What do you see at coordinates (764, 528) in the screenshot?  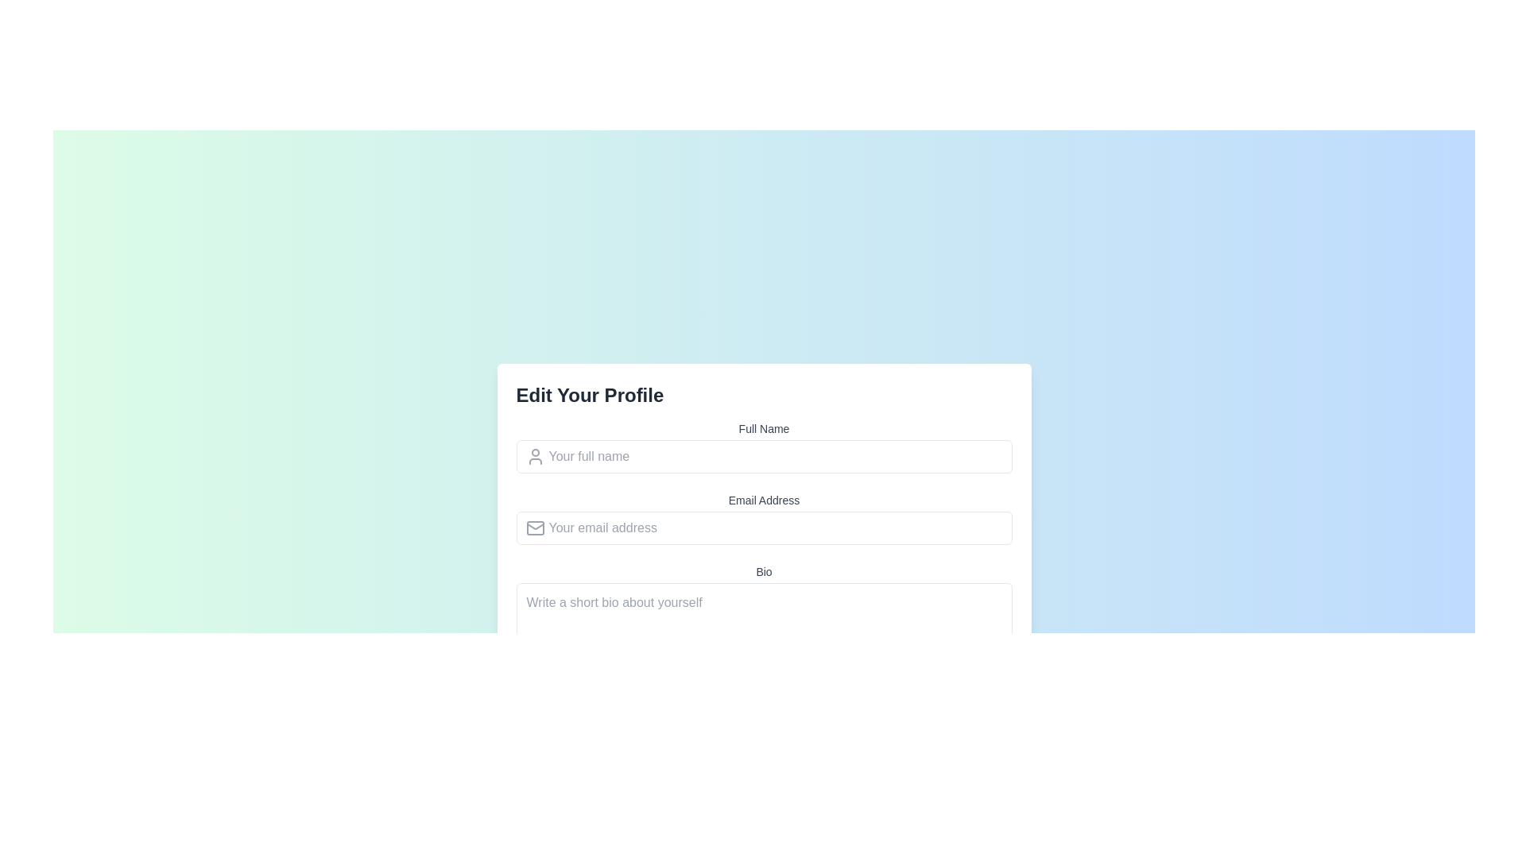 I see `the 'Email Address' input field to trigger a focus change, which is the second input field below the 'Full Name' field and above the 'Bio' section` at bounding box center [764, 528].